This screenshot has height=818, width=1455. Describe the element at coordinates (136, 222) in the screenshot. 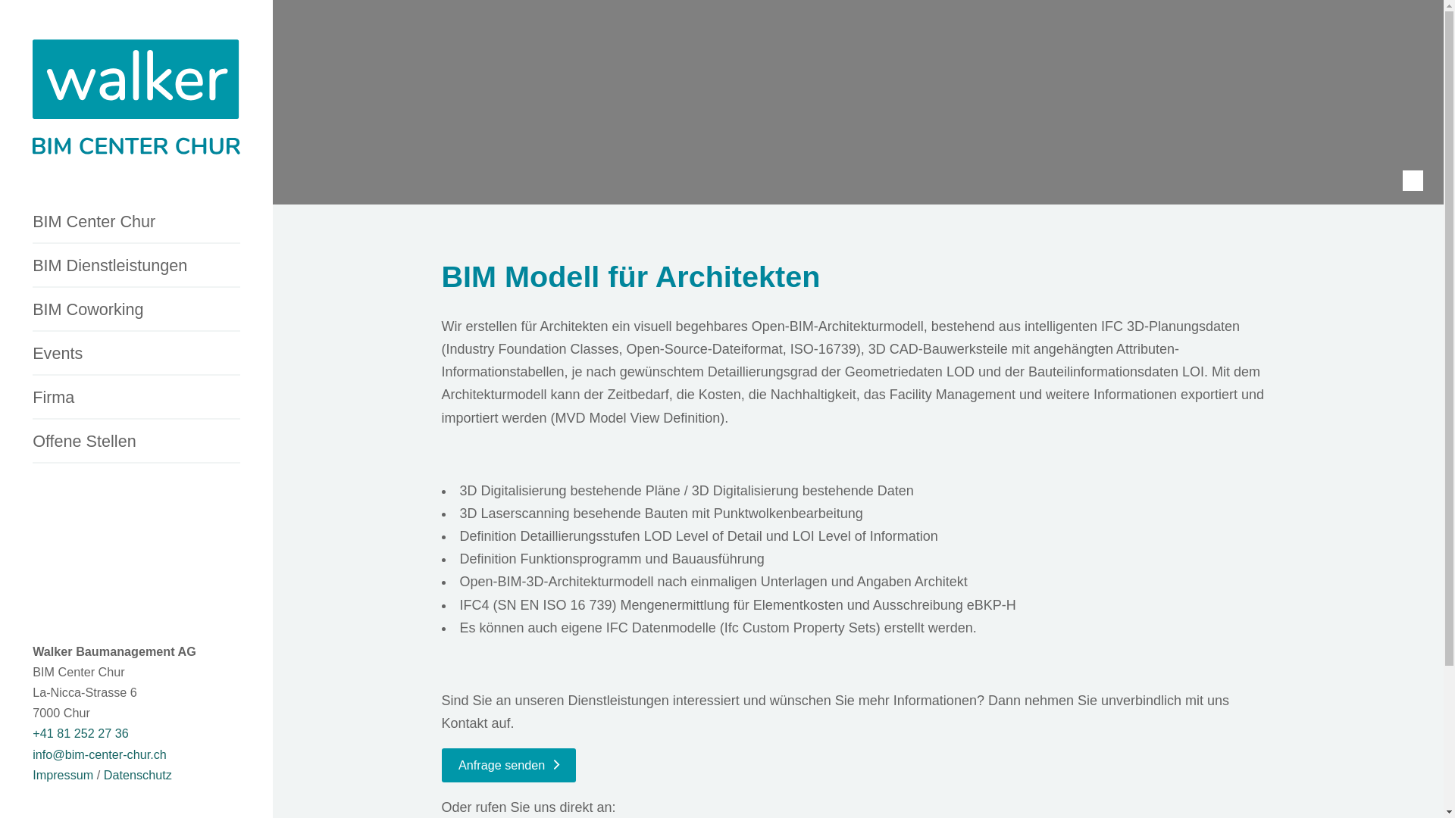

I see `'BIM Center Chur'` at that location.